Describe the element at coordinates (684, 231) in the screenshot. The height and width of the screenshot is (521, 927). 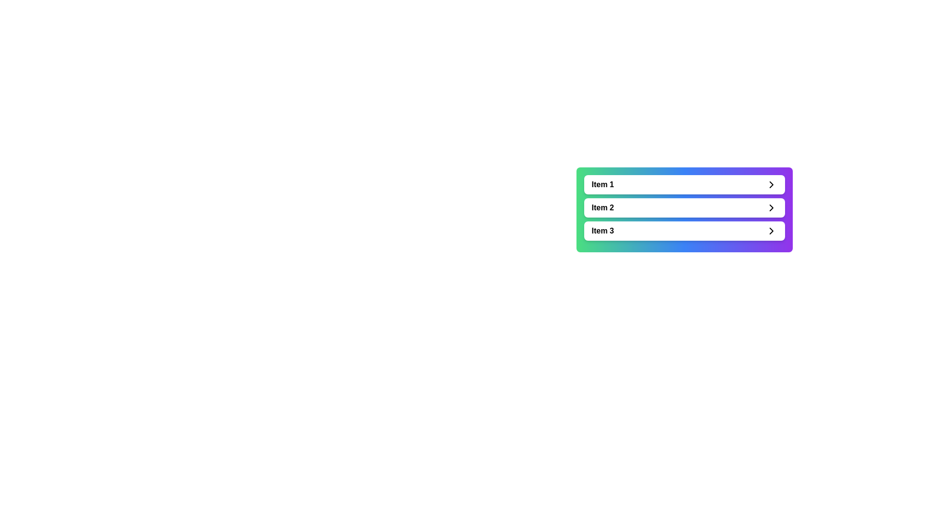
I see `the third item in a vertical list for accessibility by moving the cursor to its center point` at that location.